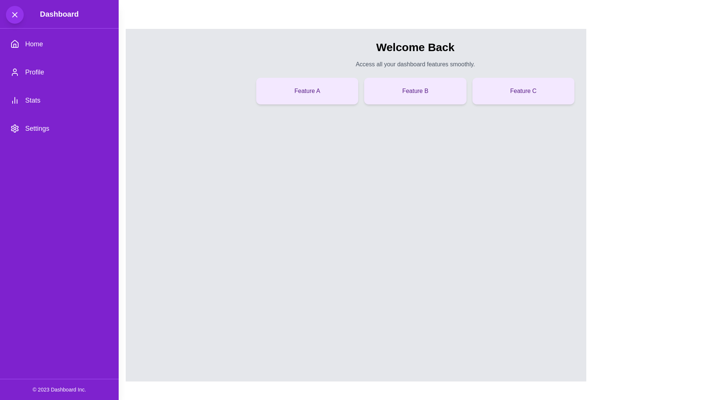 Image resolution: width=712 pixels, height=400 pixels. Describe the element at coordinates (415, 64) in the screenshot. I see `the subheading text element located below the 'Welcome Back' header in the main dashboard area` at that location.